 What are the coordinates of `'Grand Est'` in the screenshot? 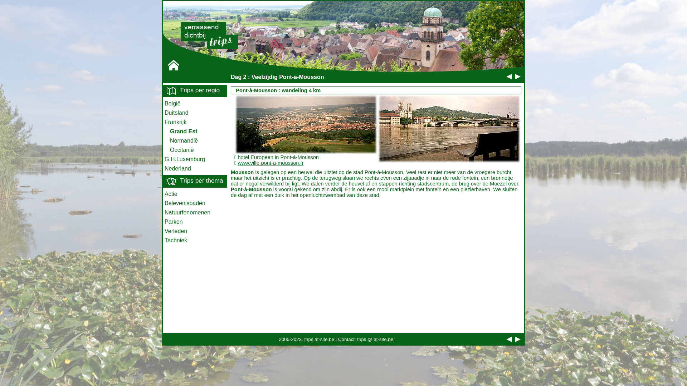 It's located at (195, 131).